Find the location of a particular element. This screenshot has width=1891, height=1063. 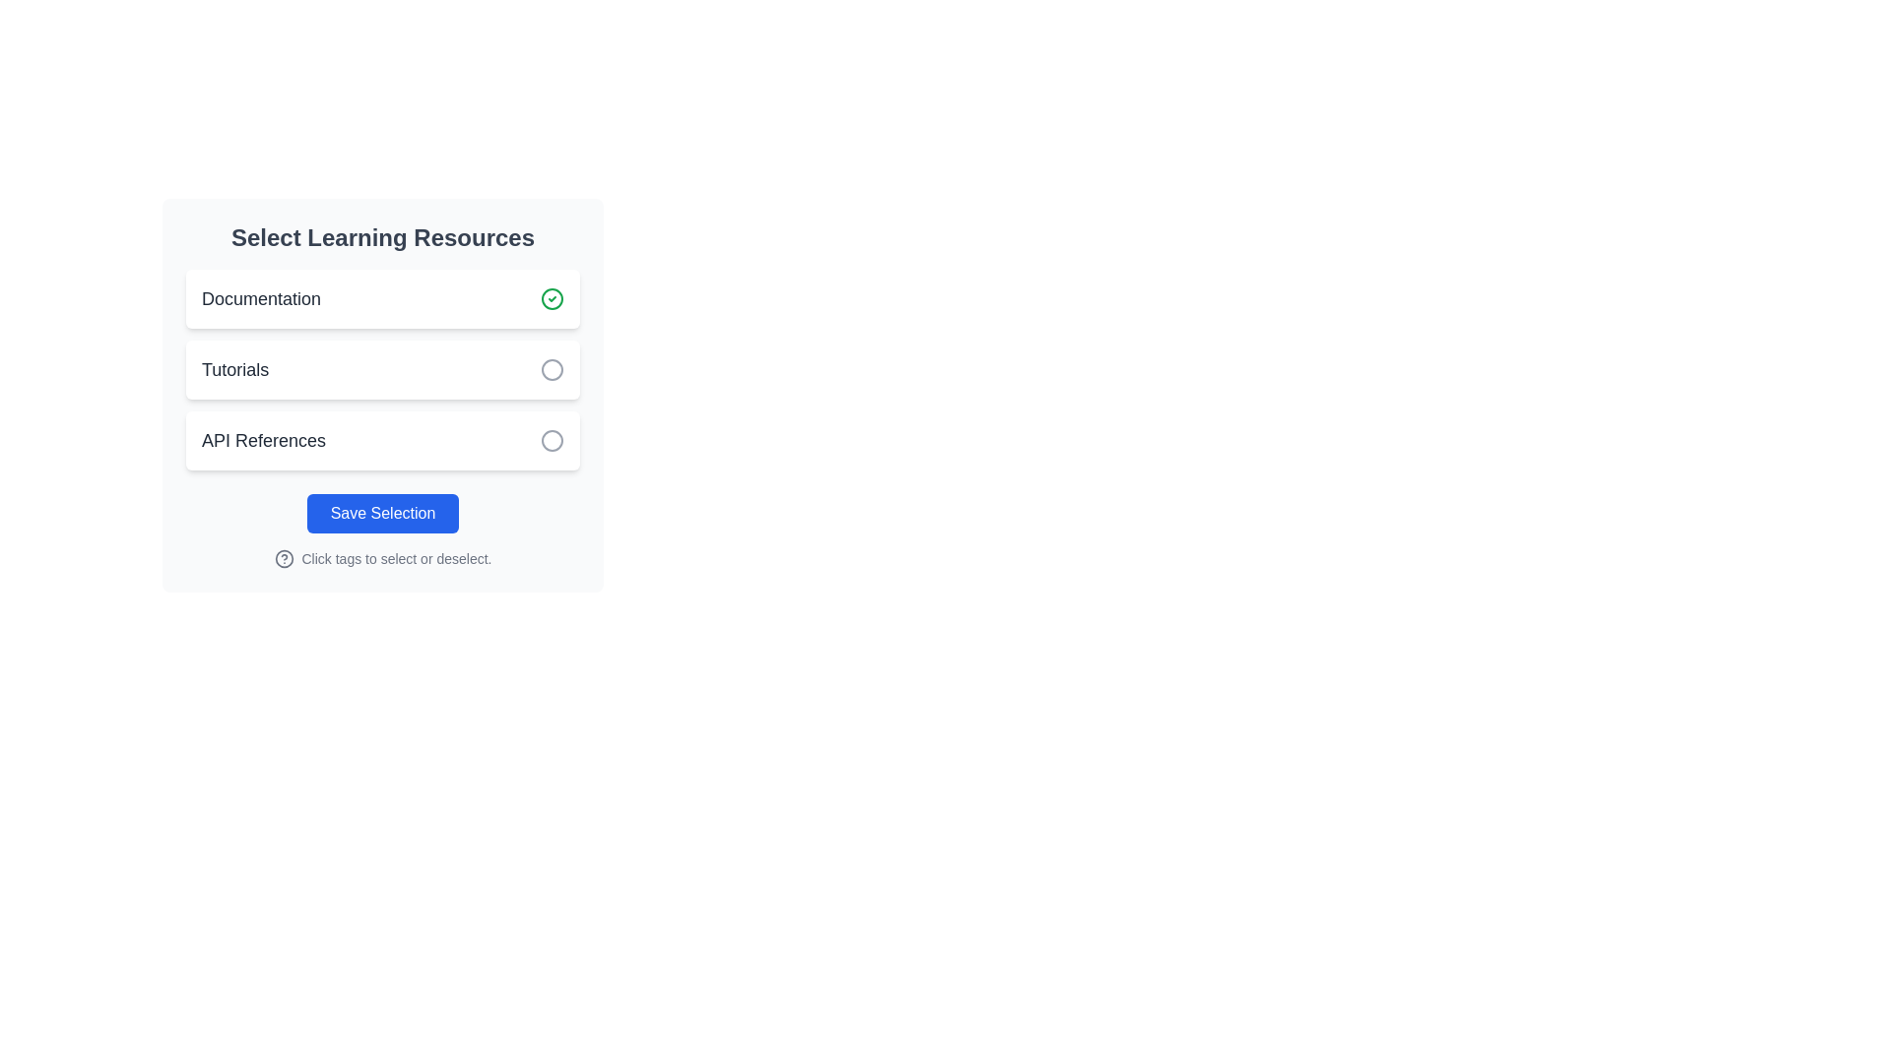

the central SVG Circle element within a monochrome icon located at the bottom area of the interface is located at coordinates (283, 558).